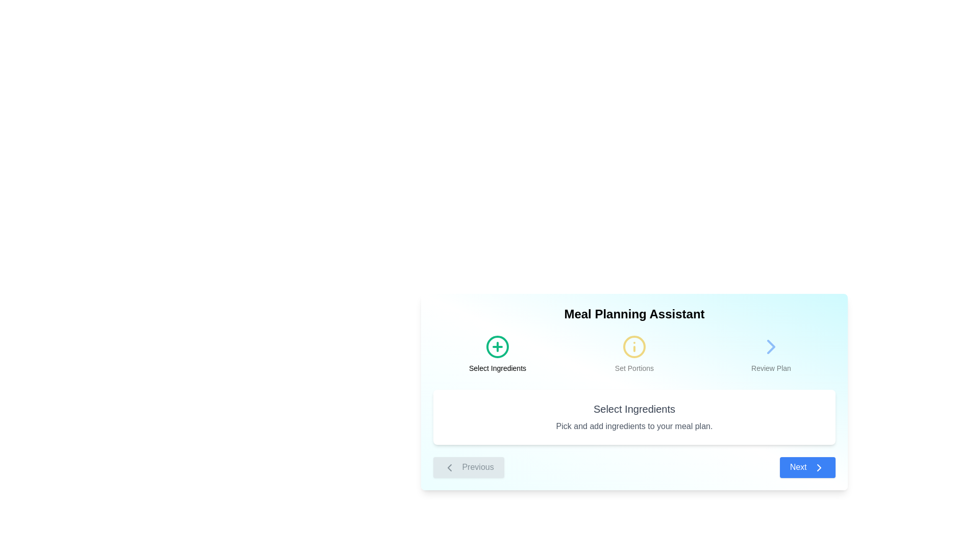  What do you see at coordinates (819, 467) in the screenshot?
I see `the rightward-pointing arrow icon situated on the blue 'Next' button at the bottom-right of the interface` at bounding box center [819, 467].